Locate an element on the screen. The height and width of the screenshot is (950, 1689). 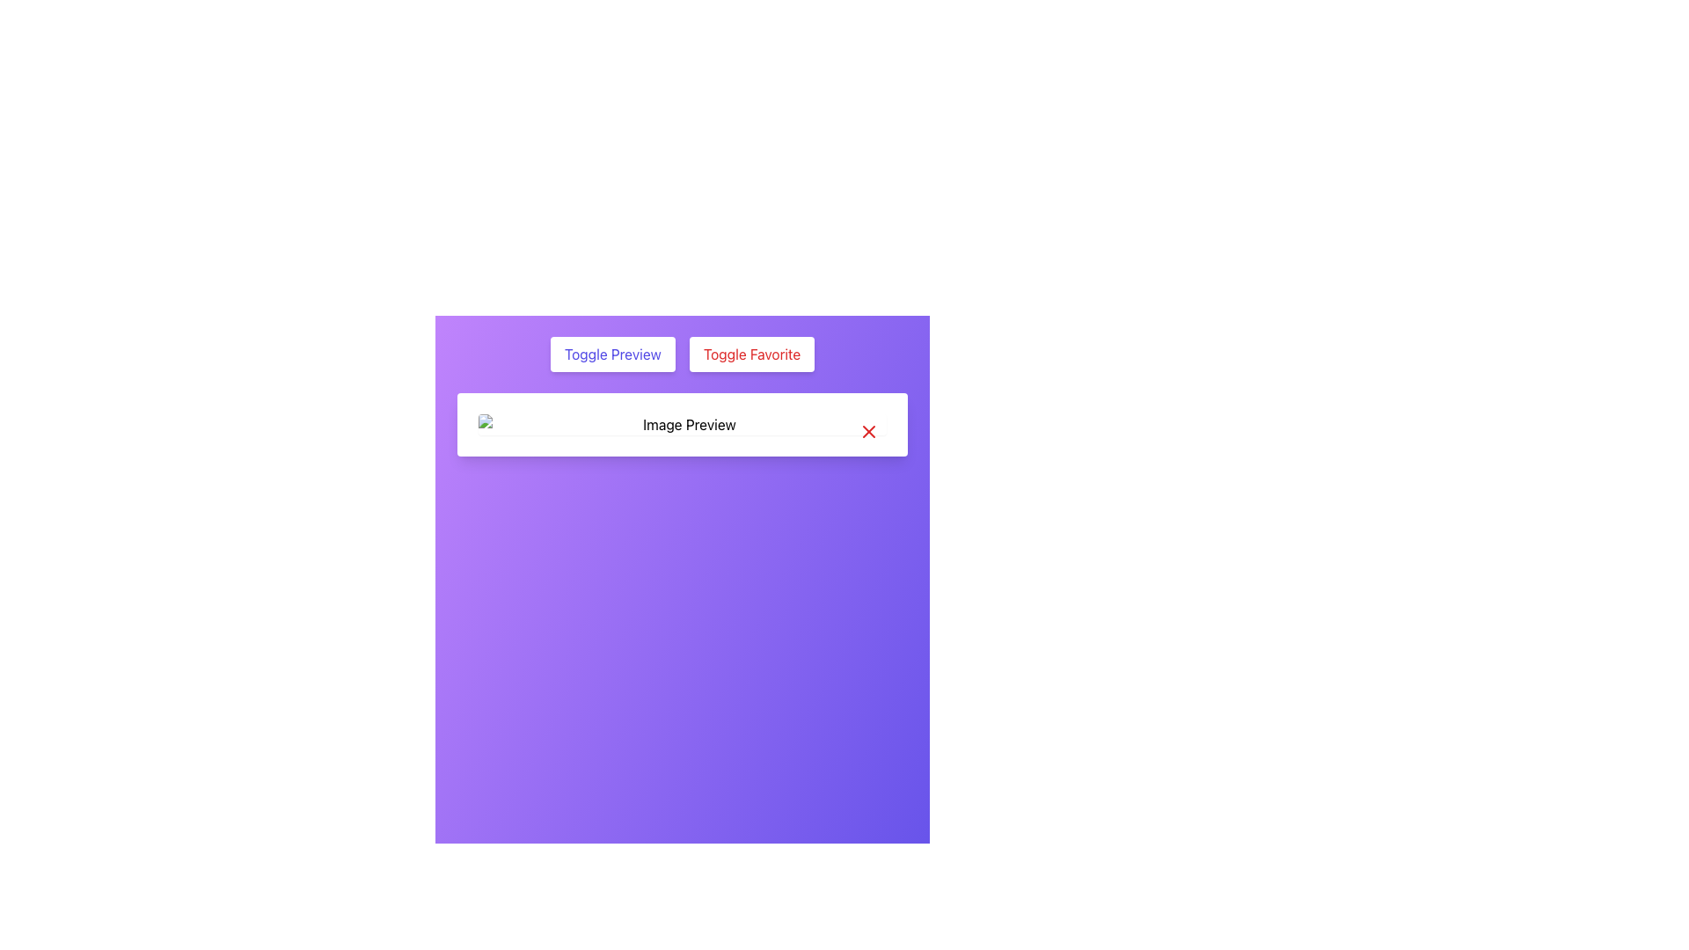
the close button located at the top-right corner of the 'Image Preview' popup box is located at coordinates (869, 431).